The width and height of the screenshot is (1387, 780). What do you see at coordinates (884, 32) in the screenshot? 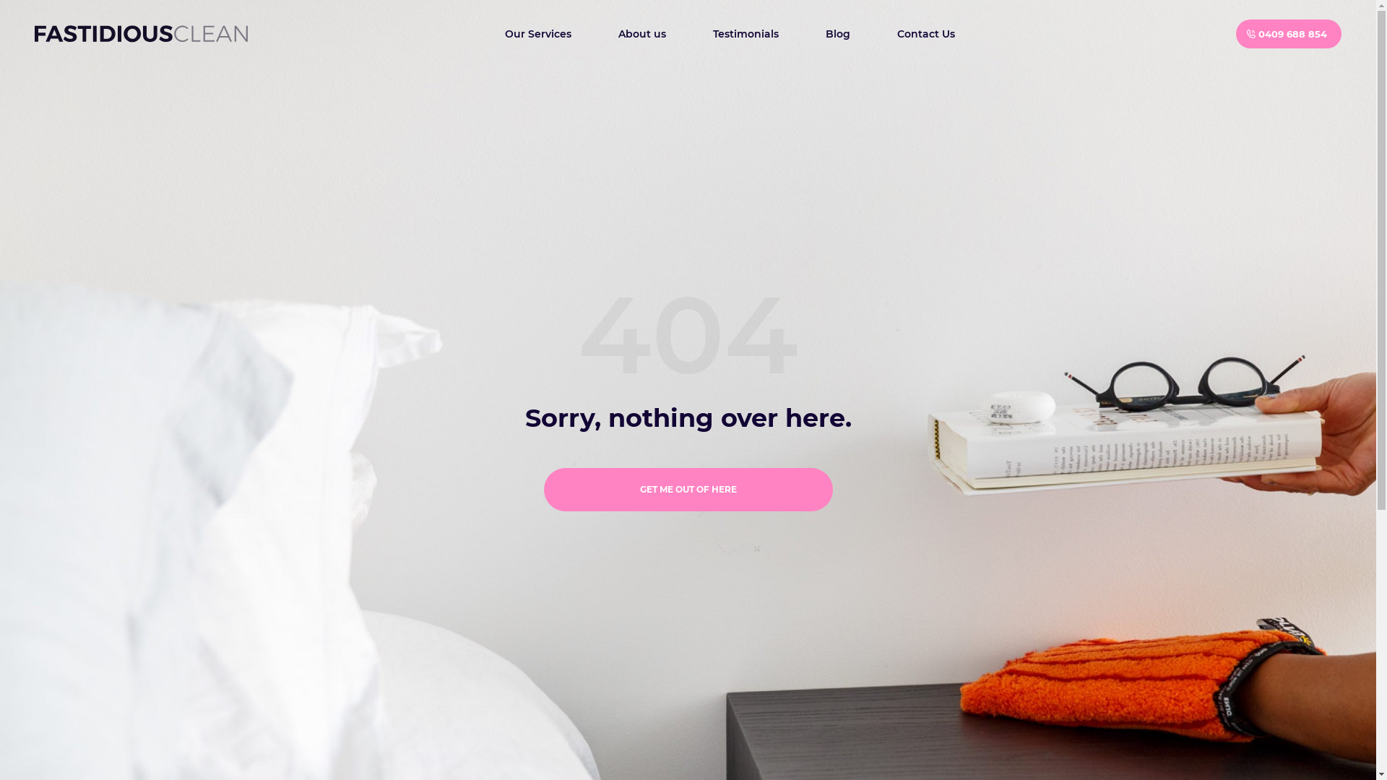
I see `'Contact Us'` at bounding box center [884, 32].